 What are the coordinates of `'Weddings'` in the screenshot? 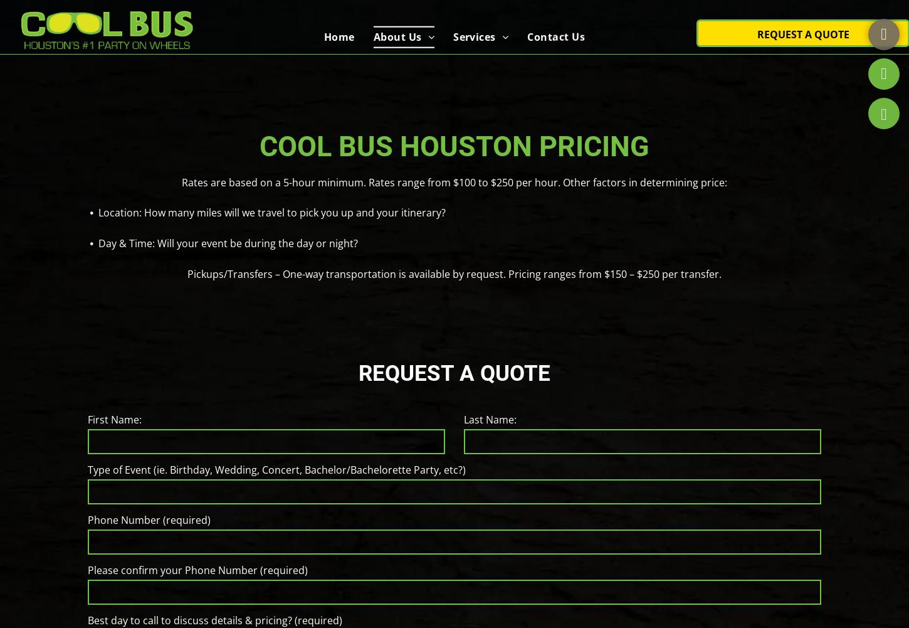 It's located at (487, 50).